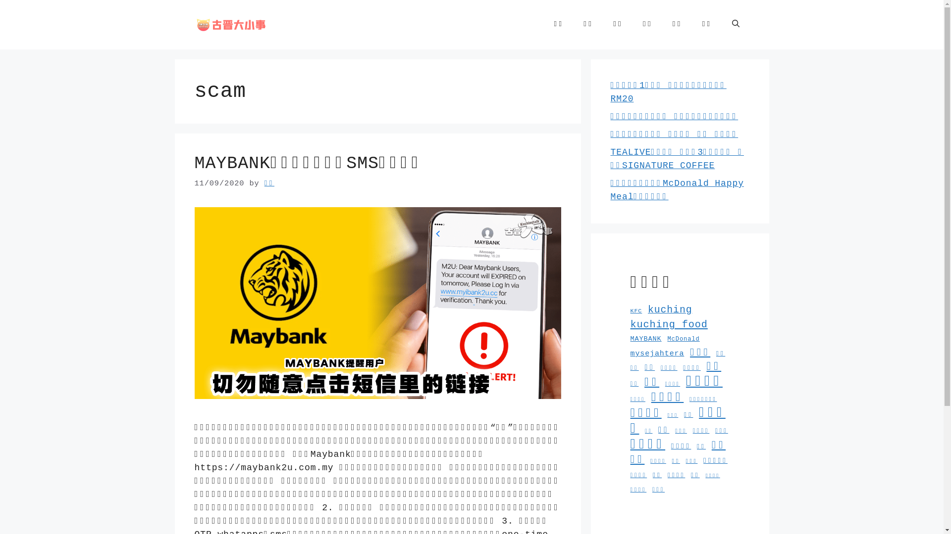 This screenshot has width=951, height=534. I want to click on 'mysejahtera', so click(630, 353).